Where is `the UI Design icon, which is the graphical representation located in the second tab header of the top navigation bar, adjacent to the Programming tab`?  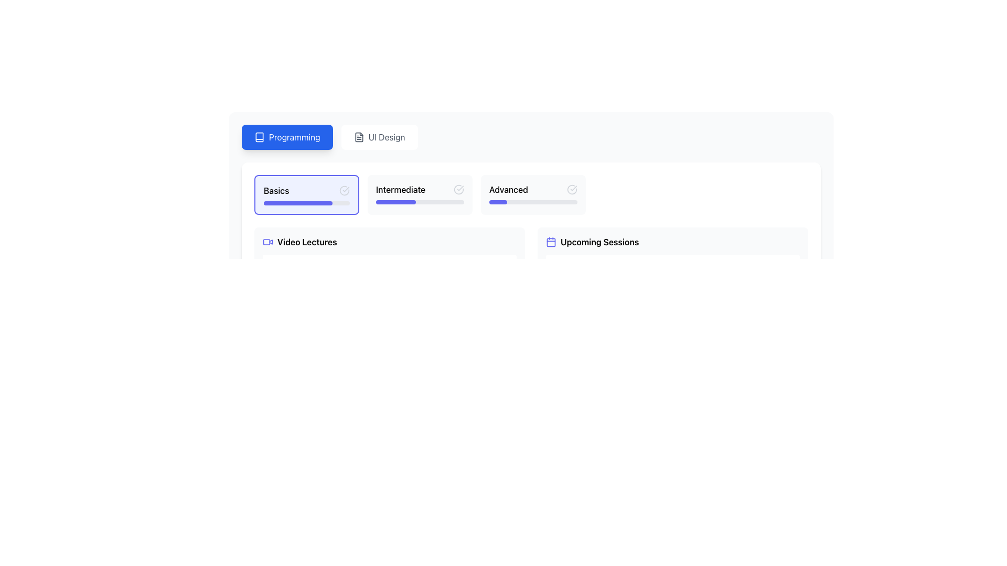
the UI Design icon, which is the graphical representation located in the second tab header of the top navigation bar, adjacent to the Programming tab is located at coordinates (359, 137).